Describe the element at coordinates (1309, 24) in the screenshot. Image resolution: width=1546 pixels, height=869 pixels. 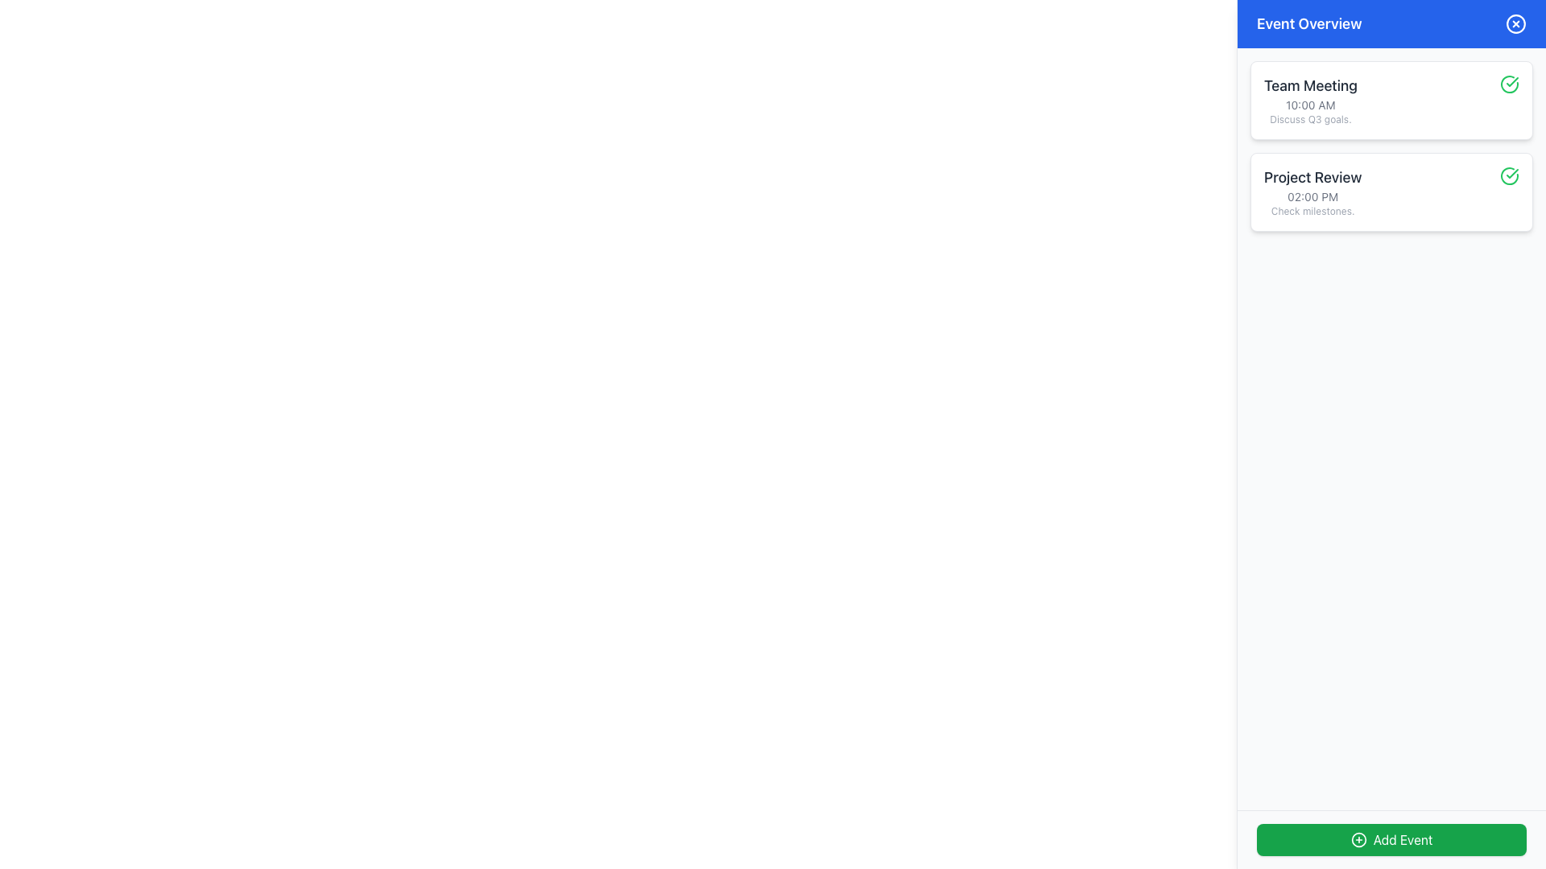
I see `the 'Event Overview' text label, which is styled in bold white font on a blue background and is positioned to the left of a circular button with an 'X' icon` at that location.